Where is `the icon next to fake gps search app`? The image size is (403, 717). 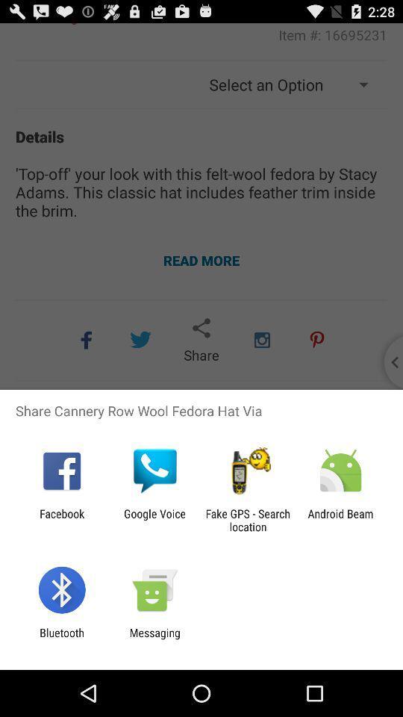 the icon next to fake gps search app is located at coordinates (340, 520).